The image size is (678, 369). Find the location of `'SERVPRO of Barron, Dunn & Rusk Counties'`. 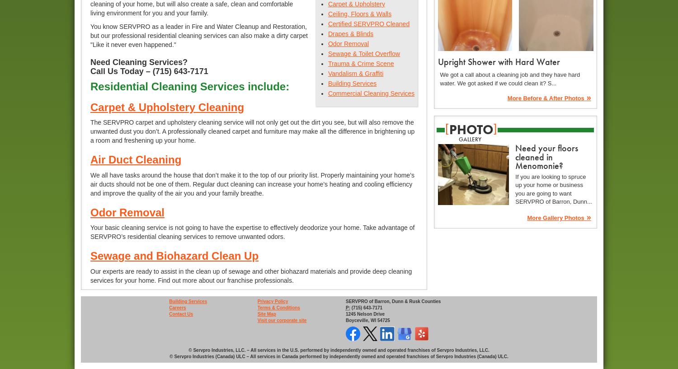

'SERVPRO of Barron, Dunn & Rusk Counties' is located at coordinates (392, 300).